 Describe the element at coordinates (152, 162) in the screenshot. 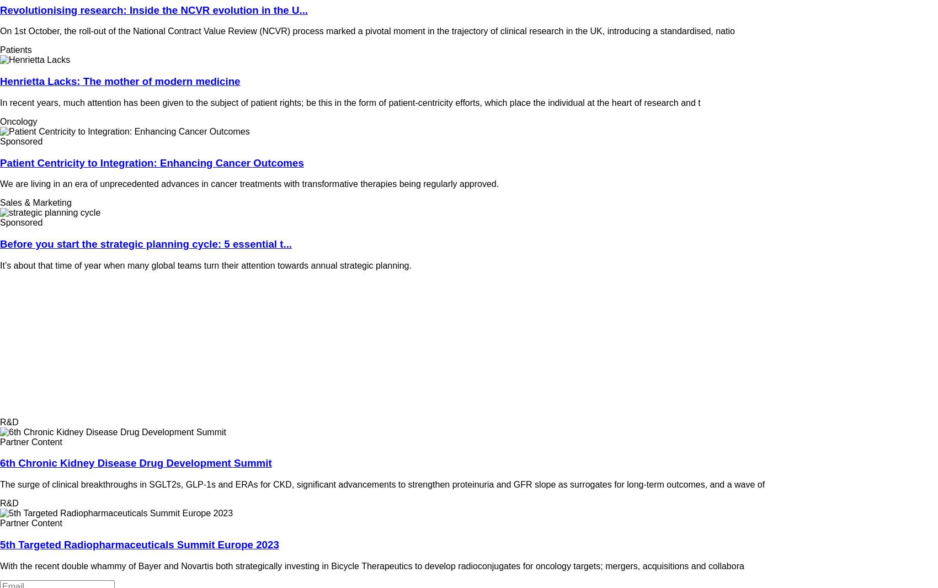

I see `'Patient Centricity to Integration: Enhancing Cancer Outcomes'` at that location.